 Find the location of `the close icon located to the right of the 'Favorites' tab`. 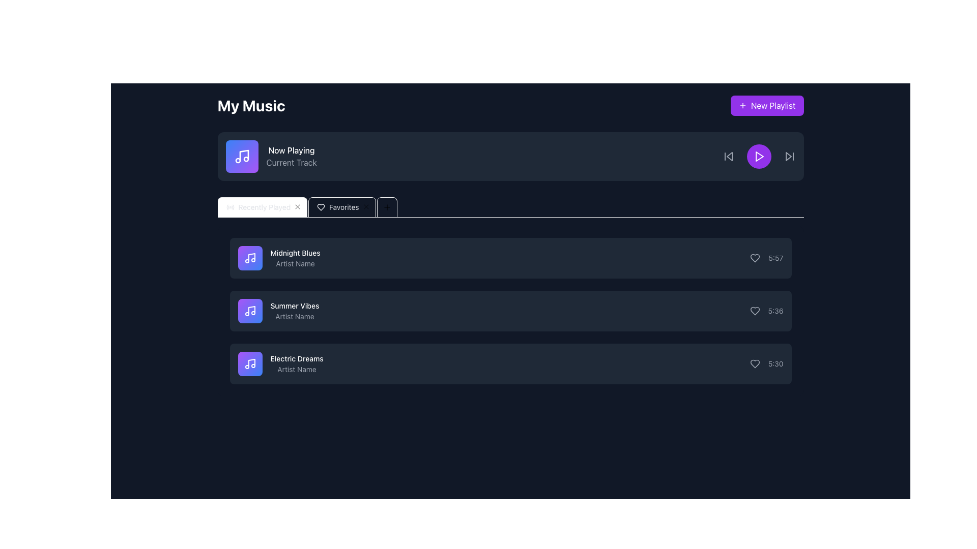

the close icon located to the right of the 'Favorites' tab is located at coordinates (297, 206).